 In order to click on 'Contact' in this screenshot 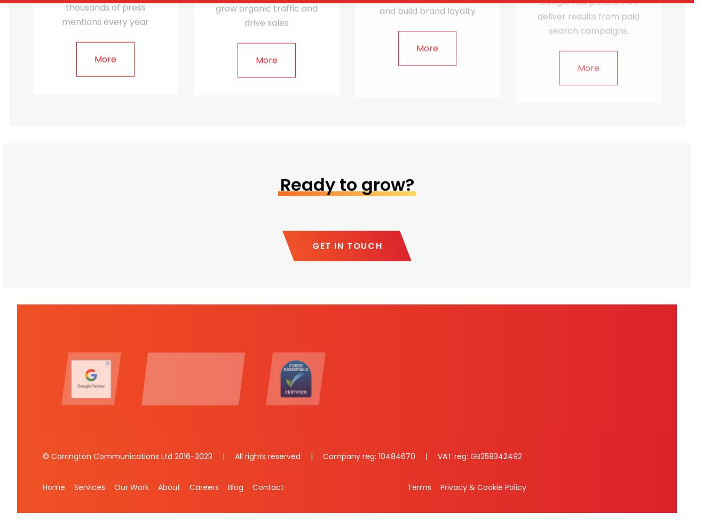, I will do `click(253, 486)`.